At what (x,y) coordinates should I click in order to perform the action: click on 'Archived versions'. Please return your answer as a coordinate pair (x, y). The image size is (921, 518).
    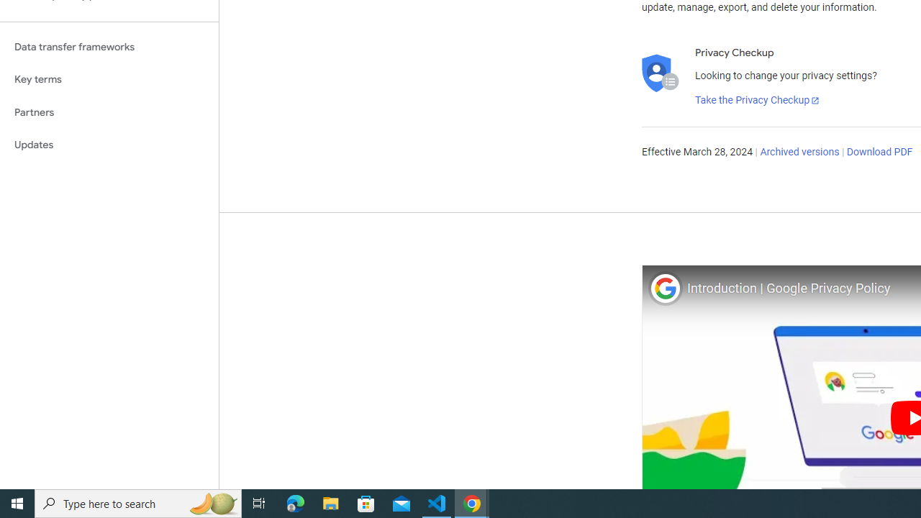
    Looking at the image, I should click on (799, 153).